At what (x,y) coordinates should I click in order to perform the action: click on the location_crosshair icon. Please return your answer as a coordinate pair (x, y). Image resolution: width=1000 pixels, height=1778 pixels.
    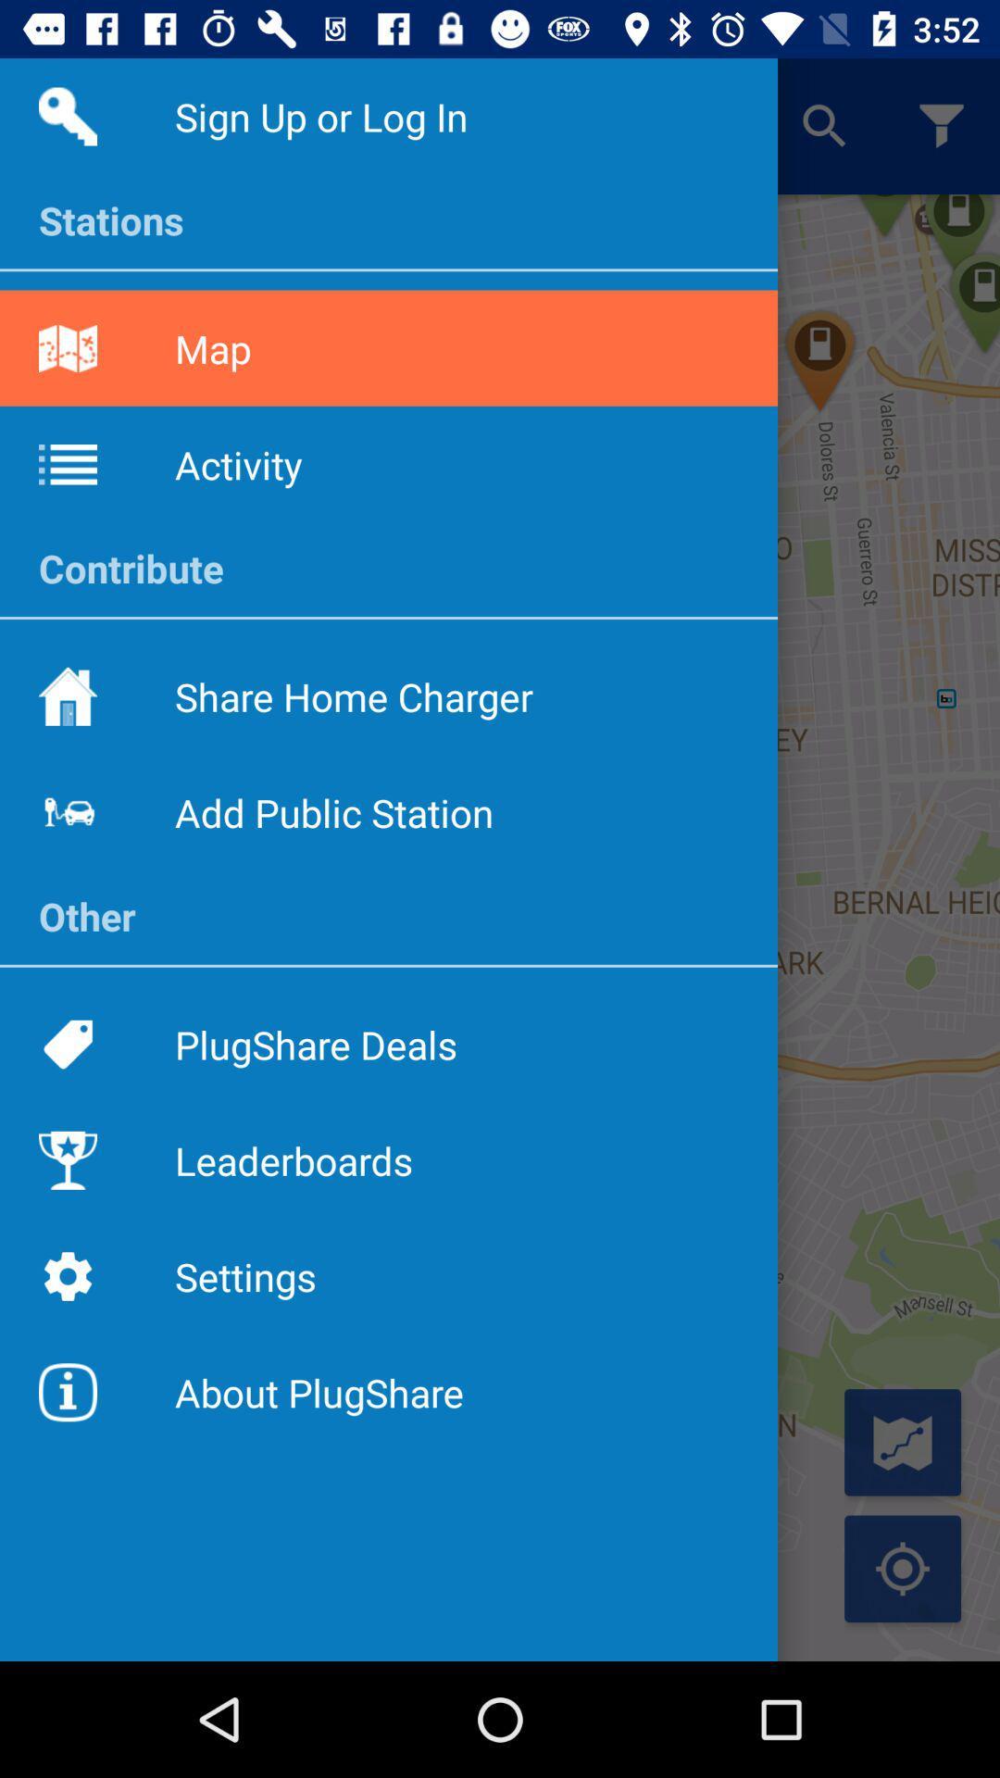
    Looking at the image, I should click on (902, 1568).